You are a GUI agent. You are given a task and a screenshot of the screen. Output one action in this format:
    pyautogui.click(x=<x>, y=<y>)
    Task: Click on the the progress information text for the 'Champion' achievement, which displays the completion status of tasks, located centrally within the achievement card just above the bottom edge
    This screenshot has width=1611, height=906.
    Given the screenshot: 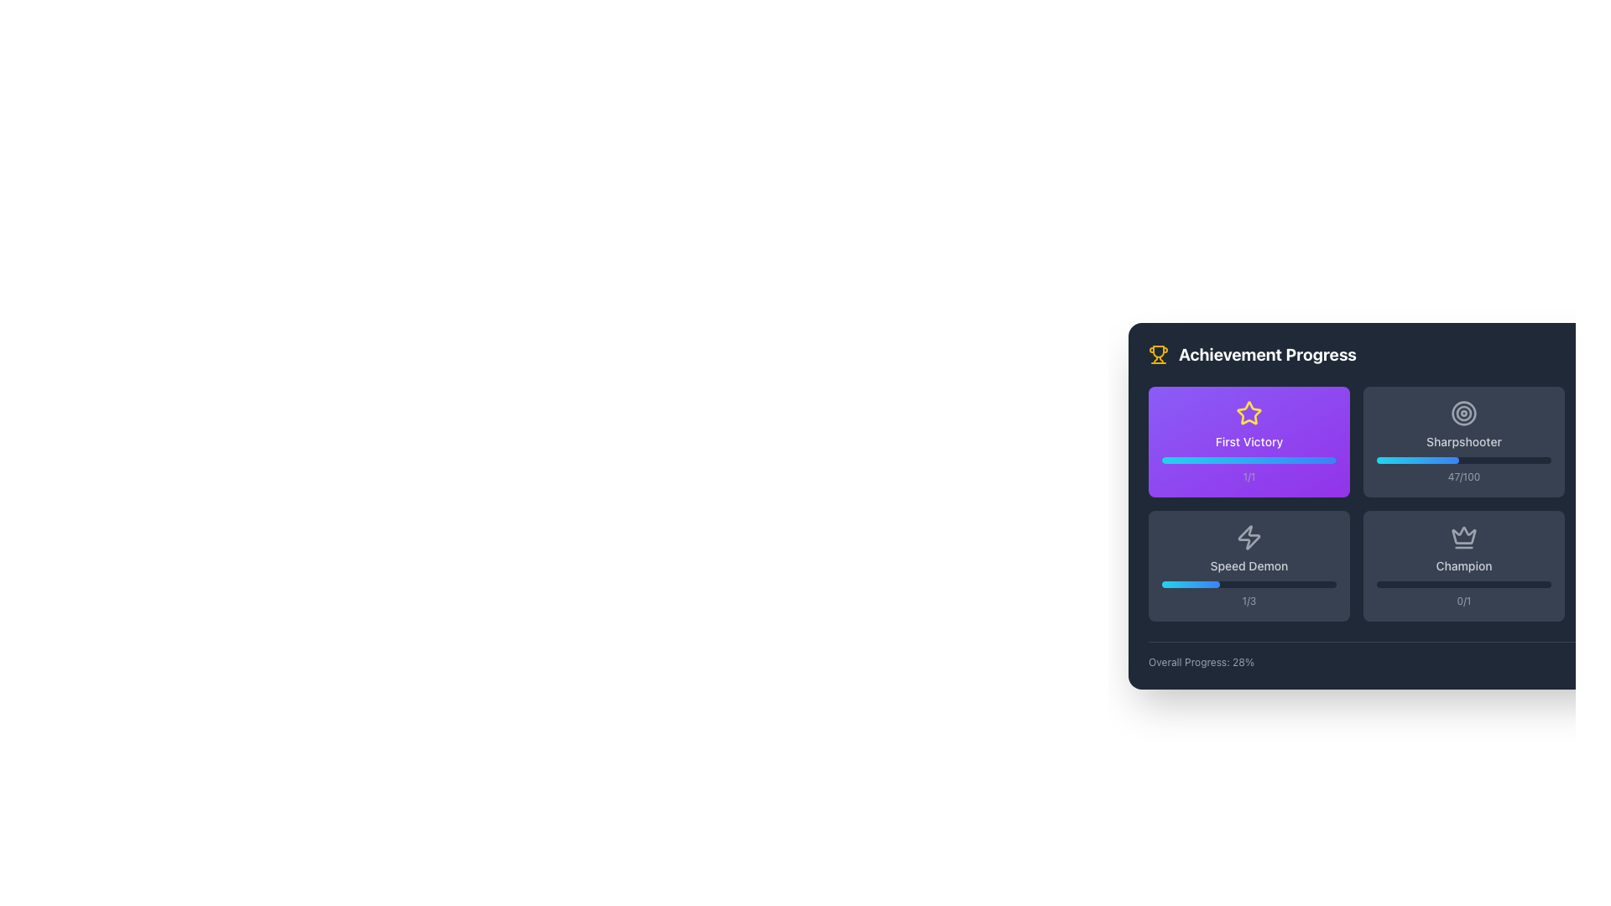 What is the action you would take?
    pyautogui.click(x=1462, y=601)
    